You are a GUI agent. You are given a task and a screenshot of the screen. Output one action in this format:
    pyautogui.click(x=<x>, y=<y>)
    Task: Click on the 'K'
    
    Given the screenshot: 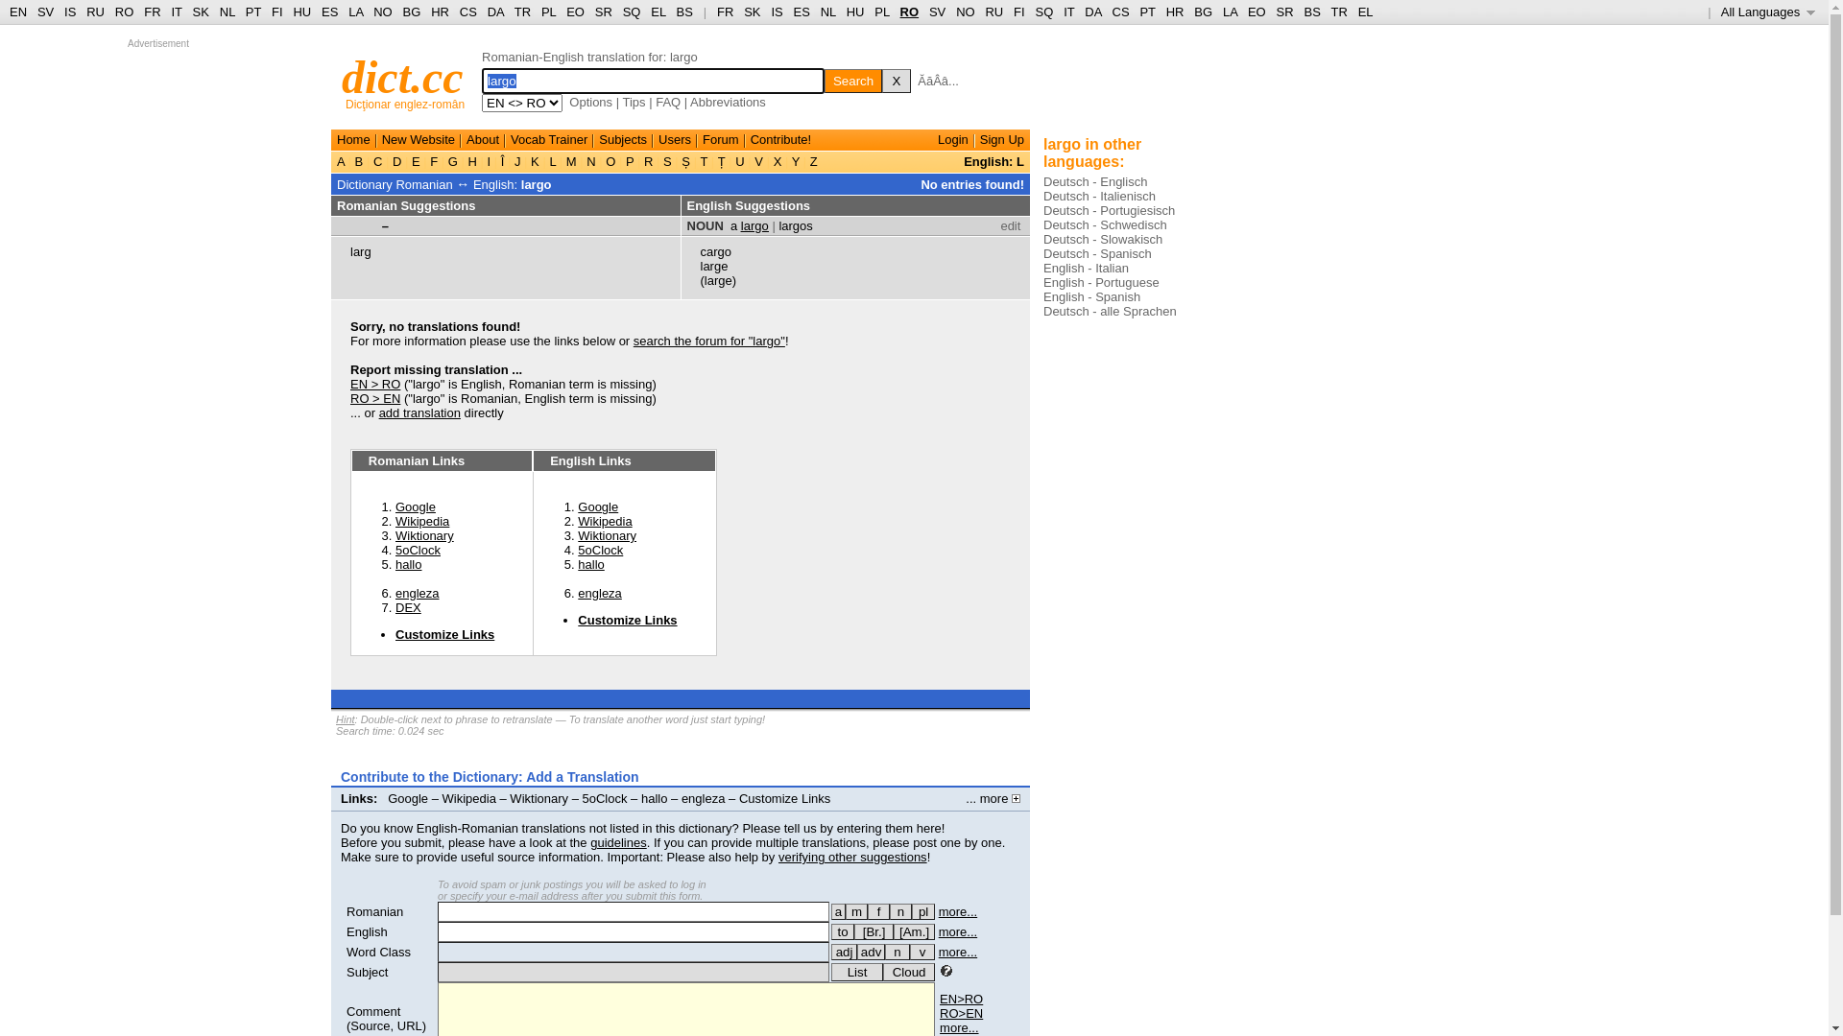 What is the action you would take?
    pyautogui.click(x=535, y=160)
    